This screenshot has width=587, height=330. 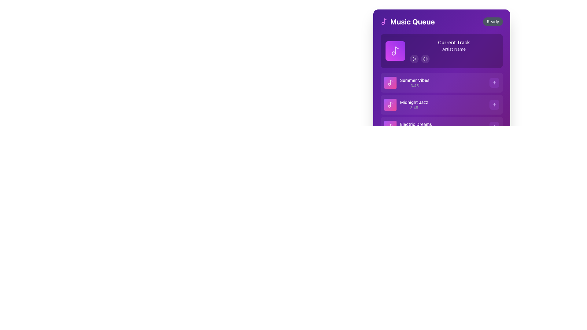 What do you see at coordinates (454, 50) in the screenshot?
I see `displayed text of the informational text display showing the currently playing track's title and artist's name in the music queue interface, located in the header to the right of the thumbnail box` at bounding box center [454, 50].